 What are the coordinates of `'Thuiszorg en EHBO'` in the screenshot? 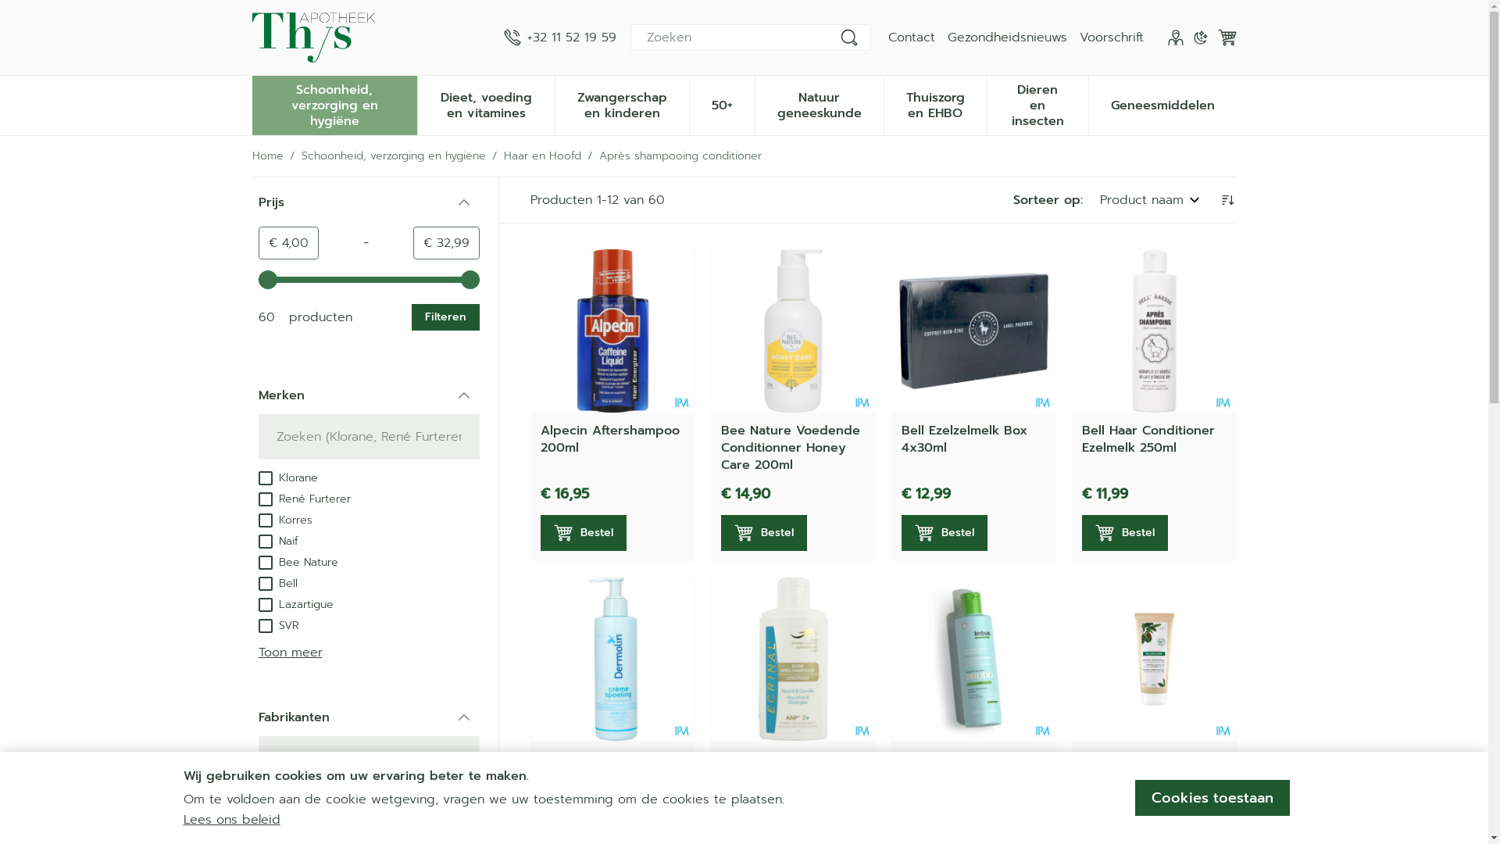 It's located at (935, 103).